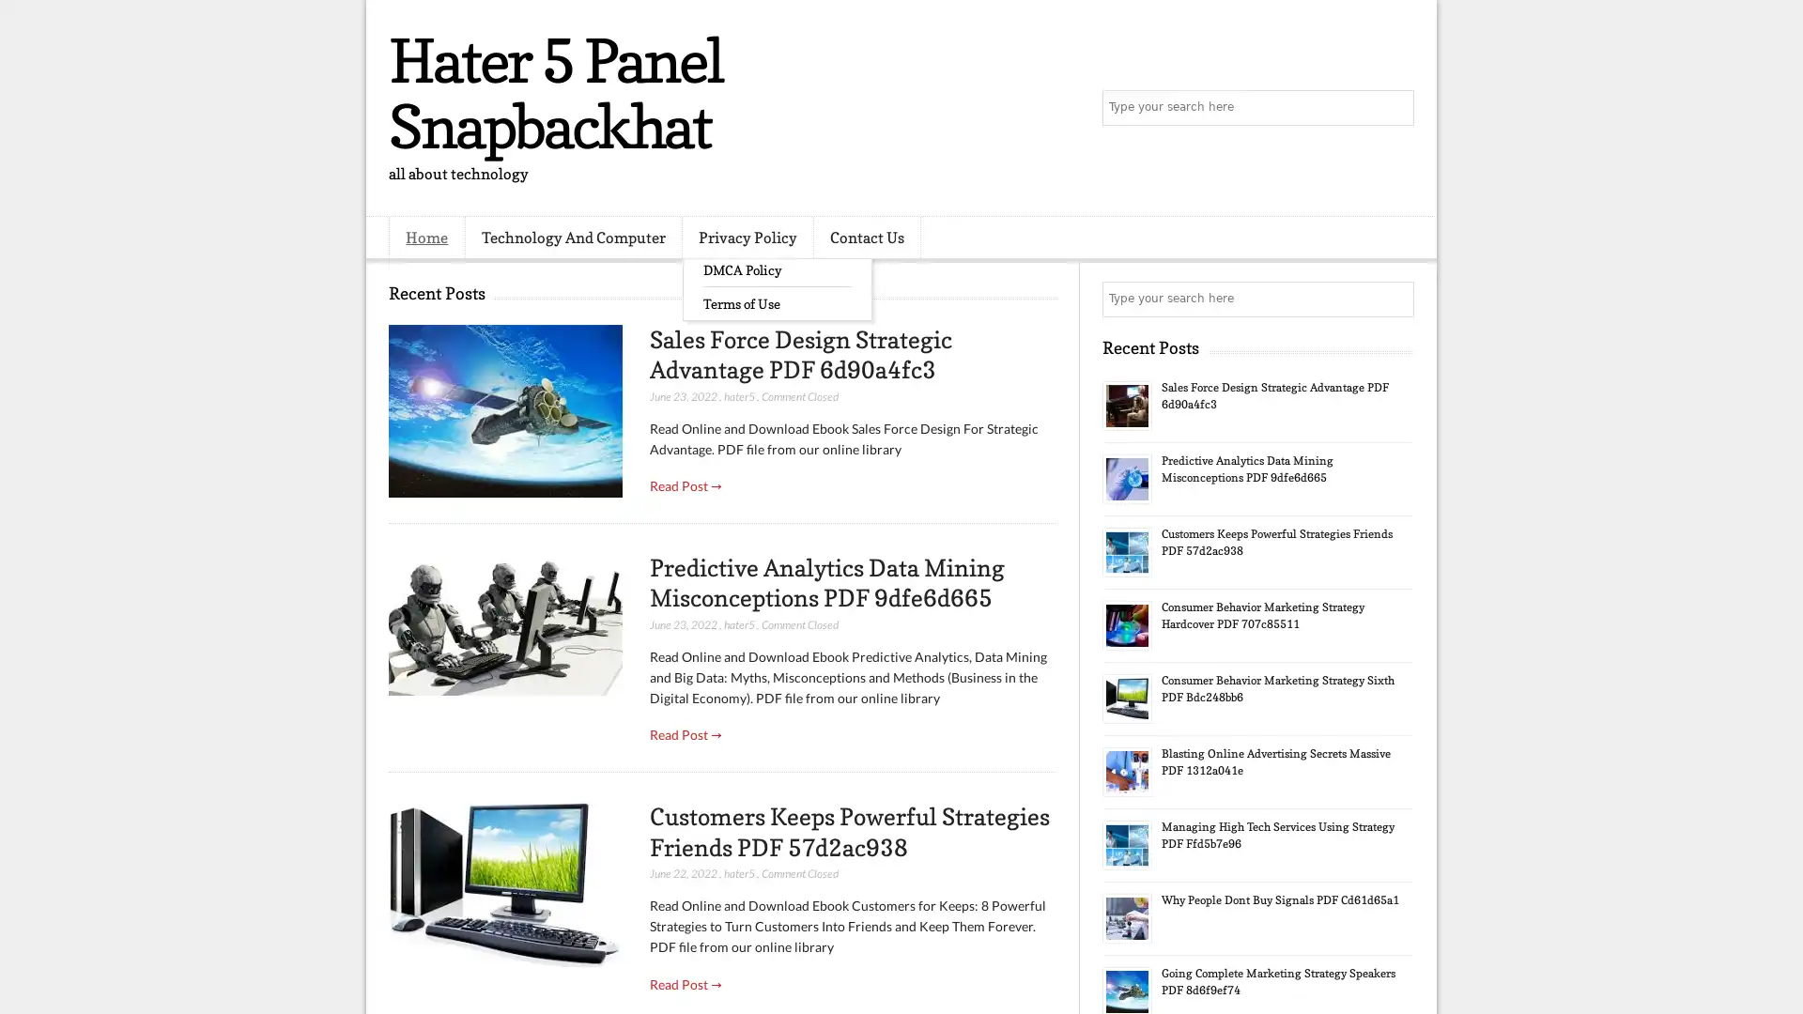 The height and width of the screenshot is (1014, 1803). What do you see at coordinates (1395, 299) in the screenshot?
I see `Search` at bounding box center [1395, 299].